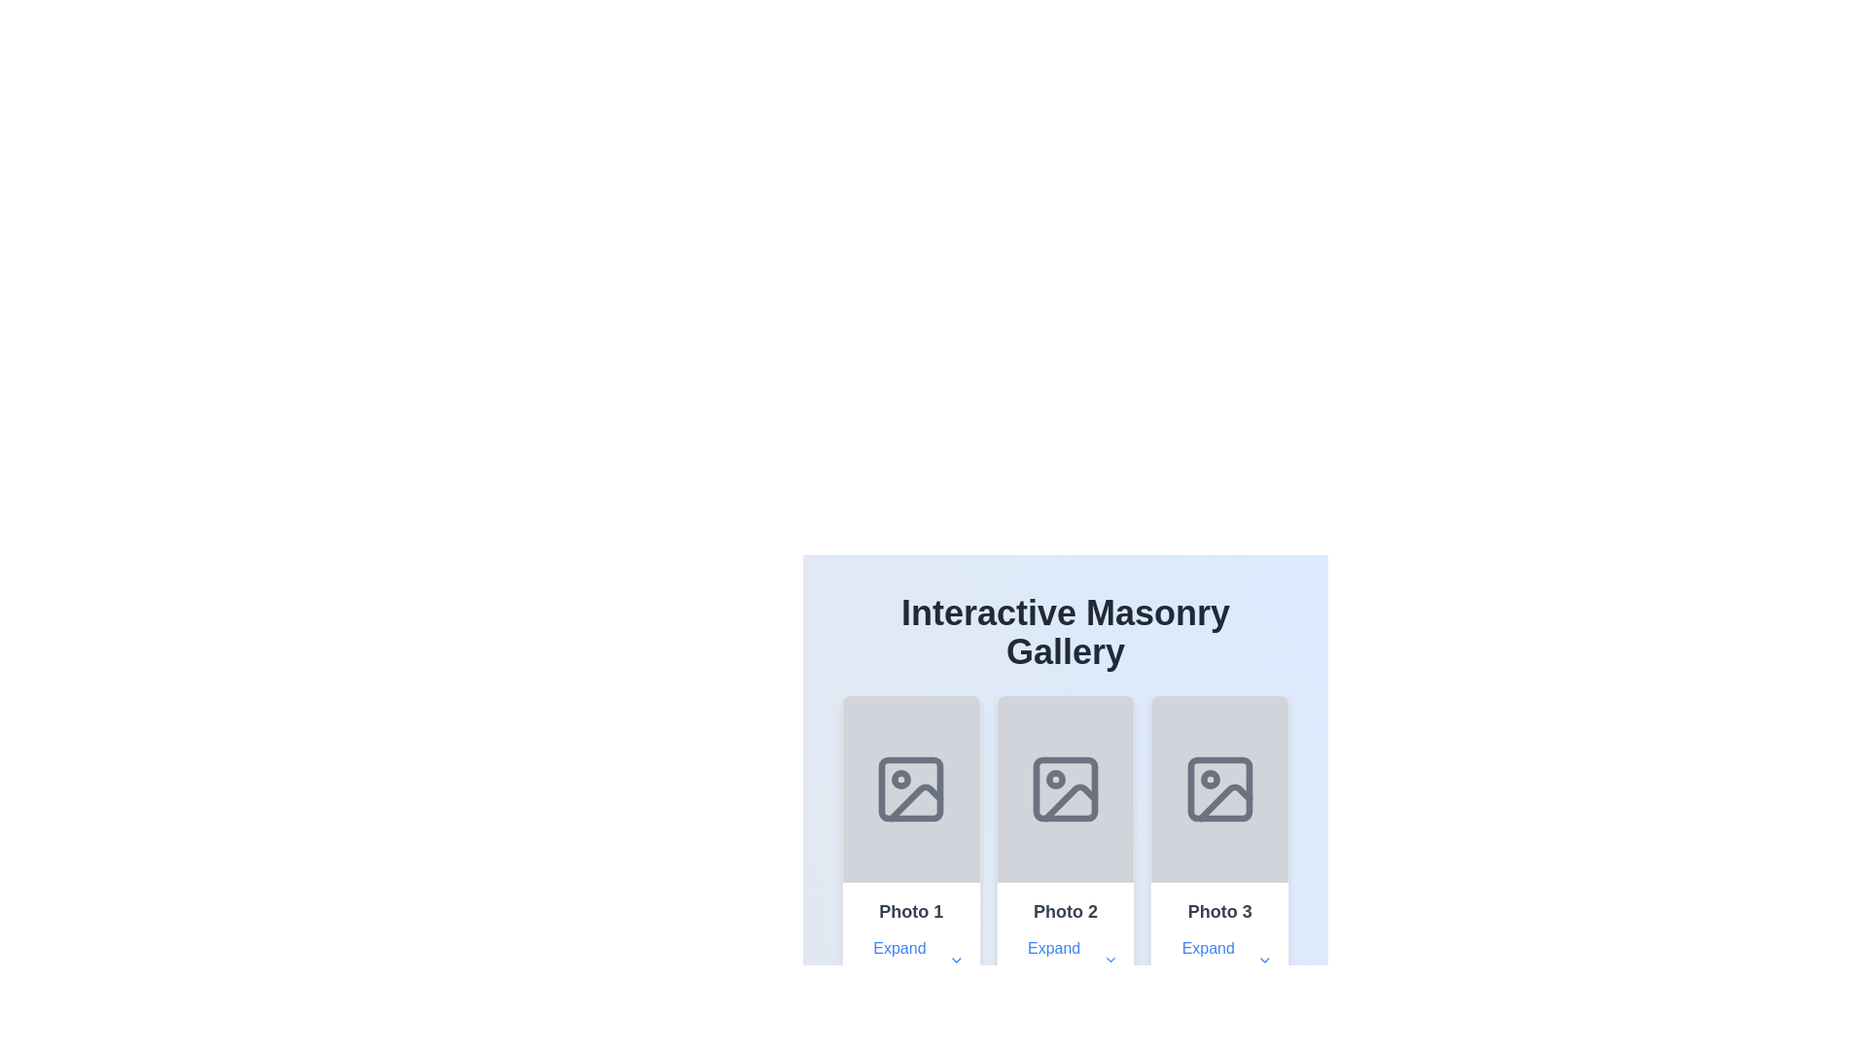 Image resolution: width=1867 pixels, height=1050 pixels. I want to click on the expand icon for 'Photo 3', so click(1265, 959).